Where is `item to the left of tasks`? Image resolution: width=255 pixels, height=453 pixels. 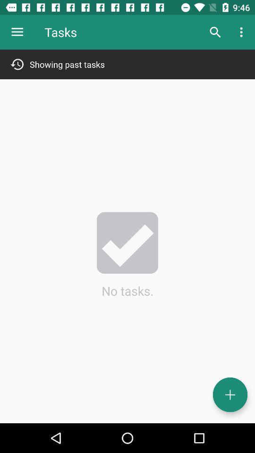
item to the left of tasks is located at coordinates (17, 32).